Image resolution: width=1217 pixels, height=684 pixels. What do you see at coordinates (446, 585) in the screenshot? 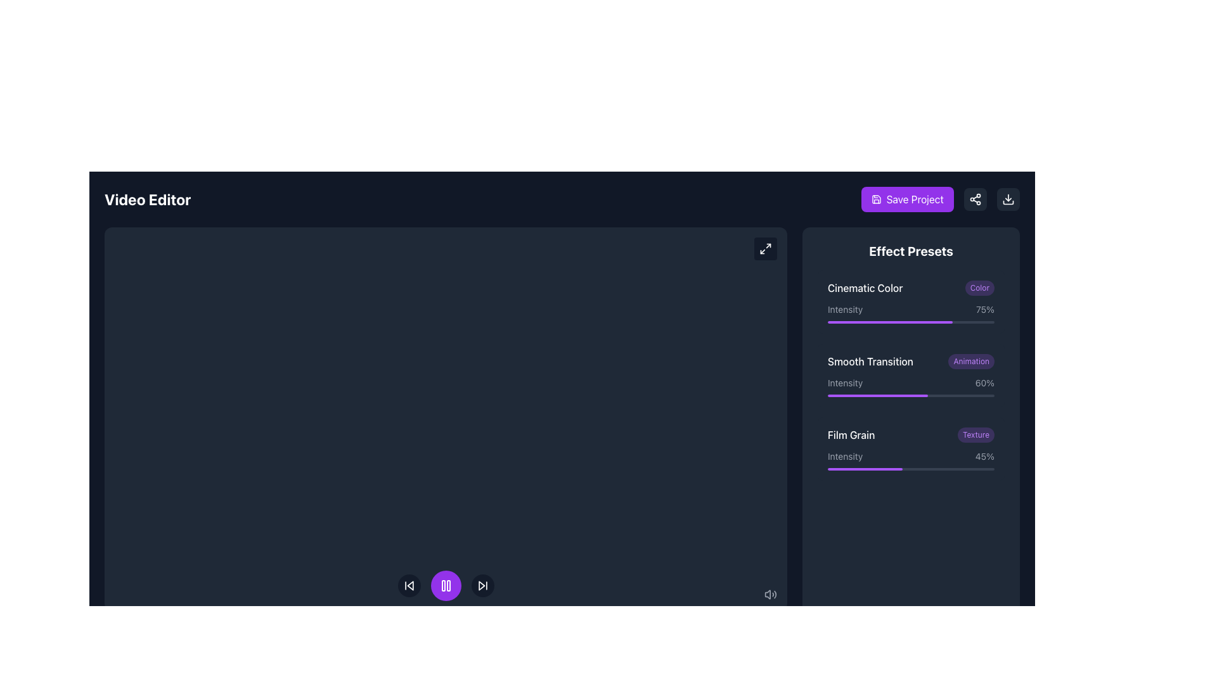
I see `the purple circular button with a white pause icon` at bounding box center [446, 585].